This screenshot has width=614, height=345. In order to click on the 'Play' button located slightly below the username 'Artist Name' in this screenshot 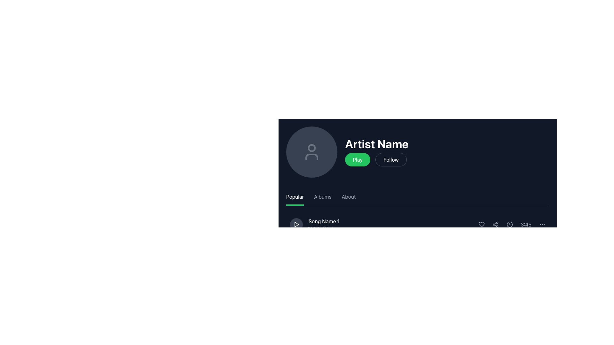, I will do `click(357, 159)`.